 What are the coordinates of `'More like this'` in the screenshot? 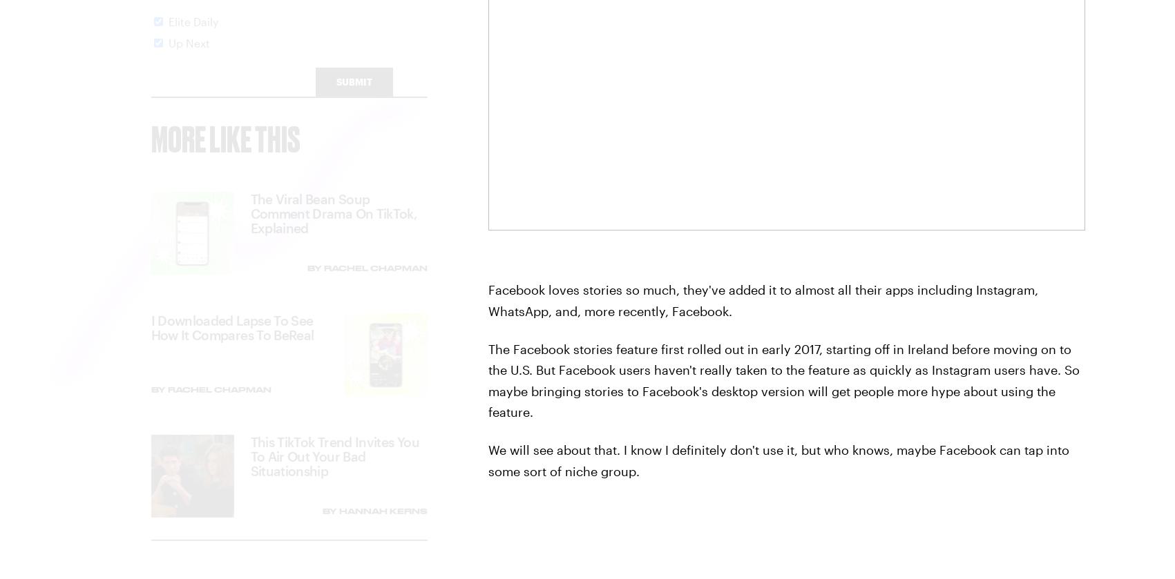 It's located at (225, 150).